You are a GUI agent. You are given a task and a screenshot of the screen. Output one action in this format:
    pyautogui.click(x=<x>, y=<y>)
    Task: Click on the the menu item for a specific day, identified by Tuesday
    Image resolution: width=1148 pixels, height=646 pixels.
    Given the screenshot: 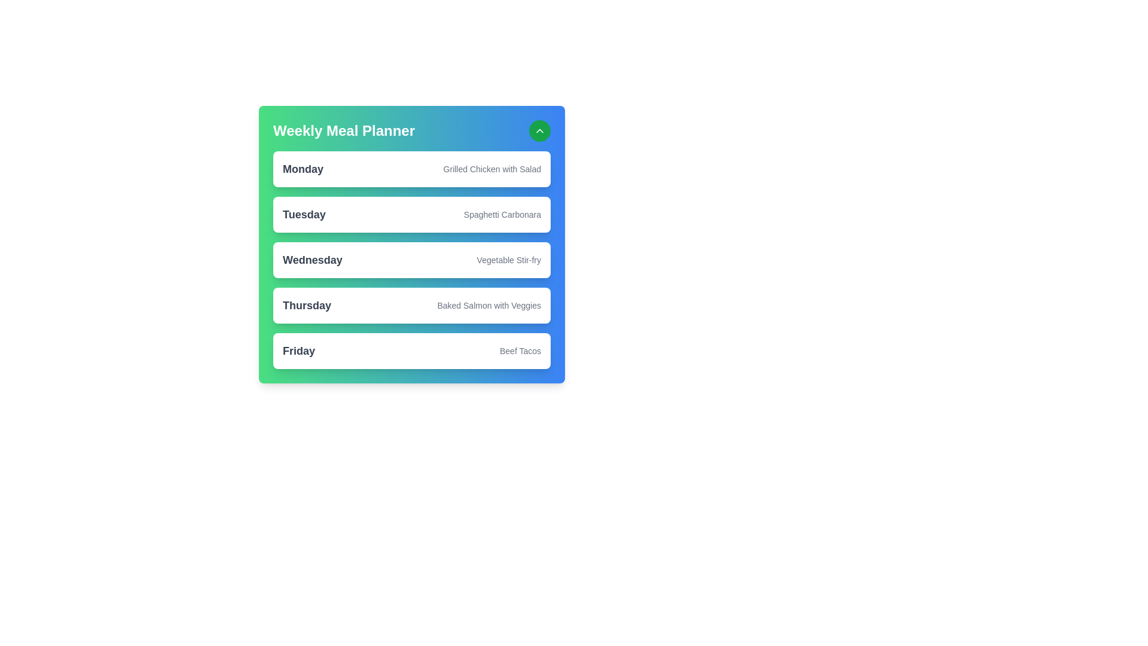 What is the action you would take?
    pyautogui.click(x=304, y=214)
    